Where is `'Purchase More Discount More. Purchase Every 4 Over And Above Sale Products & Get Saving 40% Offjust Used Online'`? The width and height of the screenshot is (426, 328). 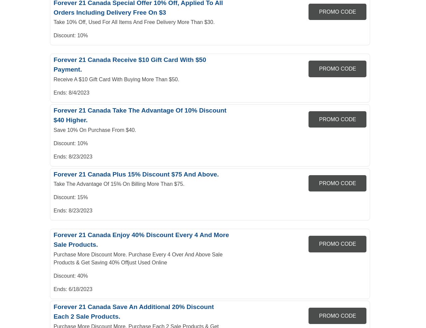 'Purchase More Discount More. Purchase Every 4 Over And Above Sale Products & Get Saving 40% Offjust Used Online' is located at coordinates (137, 258).